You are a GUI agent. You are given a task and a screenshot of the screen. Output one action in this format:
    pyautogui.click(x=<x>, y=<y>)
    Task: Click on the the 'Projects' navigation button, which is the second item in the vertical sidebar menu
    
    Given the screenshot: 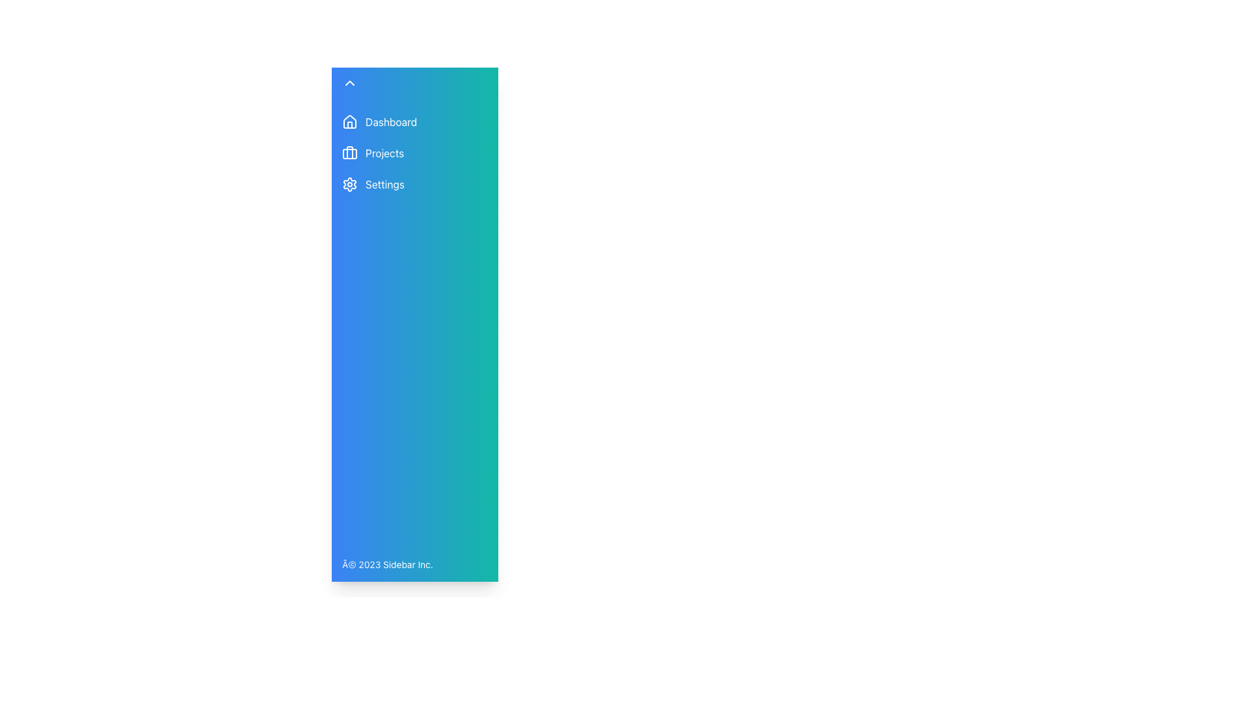 What is the action you would take?
    pyautogui.click(x=386, y=152)
    